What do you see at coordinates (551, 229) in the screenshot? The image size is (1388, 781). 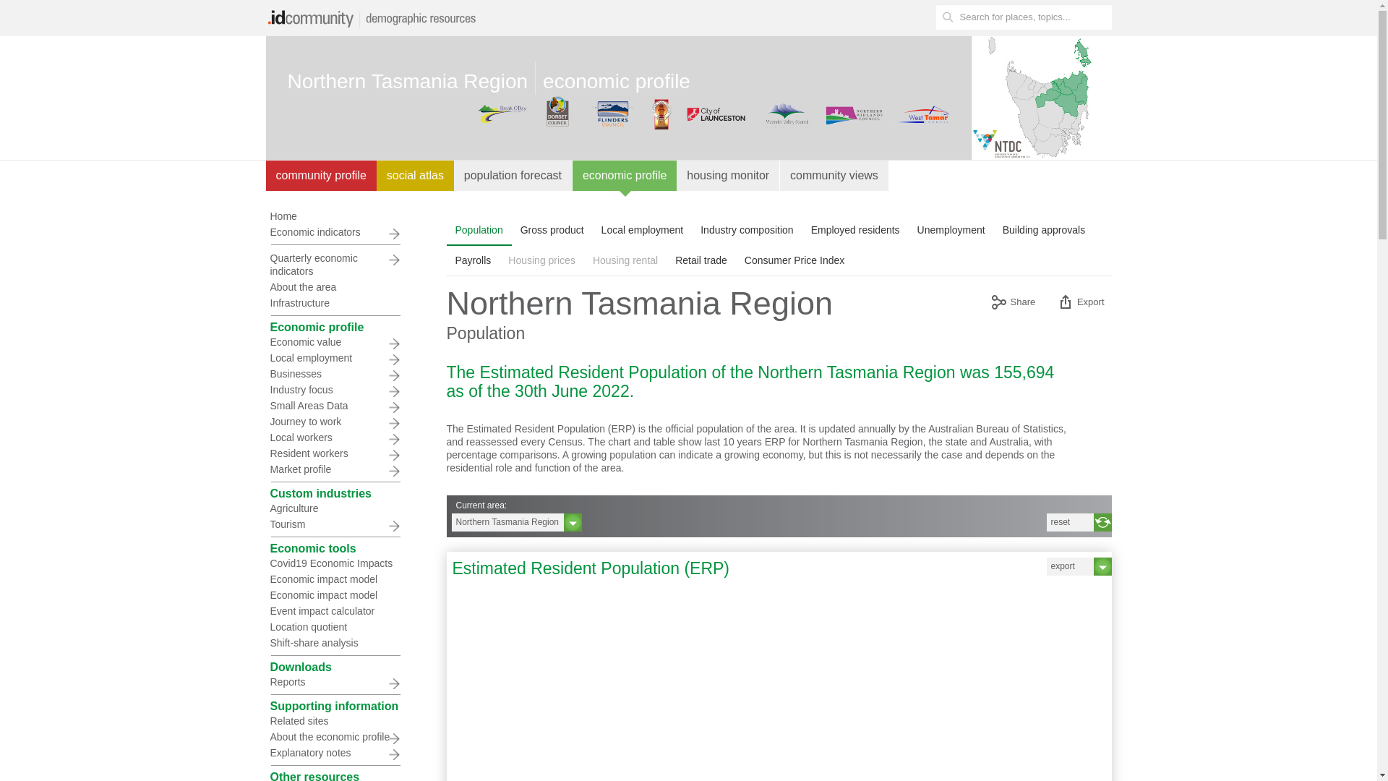 I see `'Gross product'` at bounding box center [551, 229].